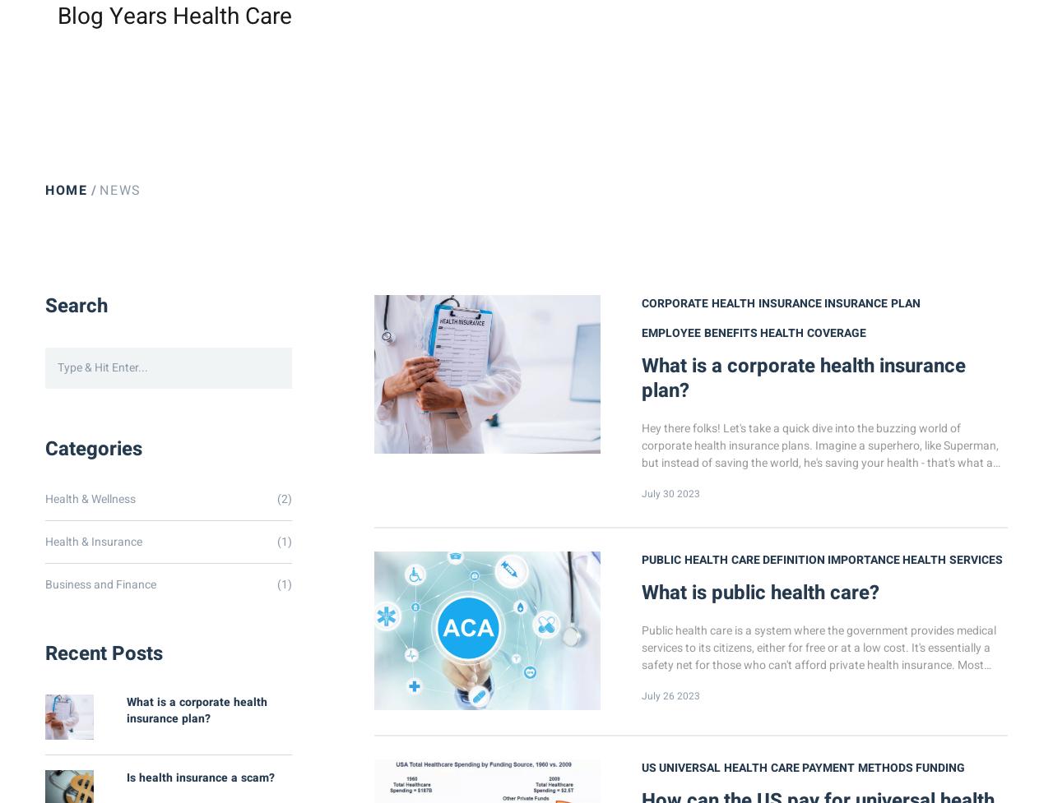 The width and height of the screenshot is (1053, 803). What do you see at coordinates (793, 560) in the screenshot?
I see `'definition'` at bounding box center [793, 560].